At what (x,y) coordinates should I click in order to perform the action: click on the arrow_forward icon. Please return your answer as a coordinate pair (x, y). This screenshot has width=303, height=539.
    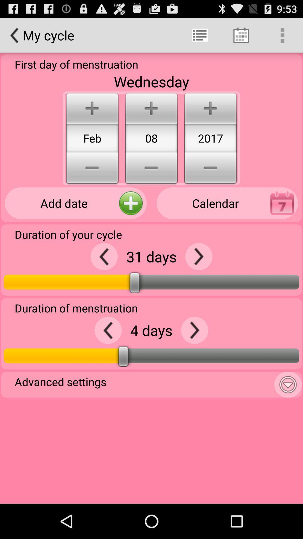
    Looking at the image, I should click on (194, 353).